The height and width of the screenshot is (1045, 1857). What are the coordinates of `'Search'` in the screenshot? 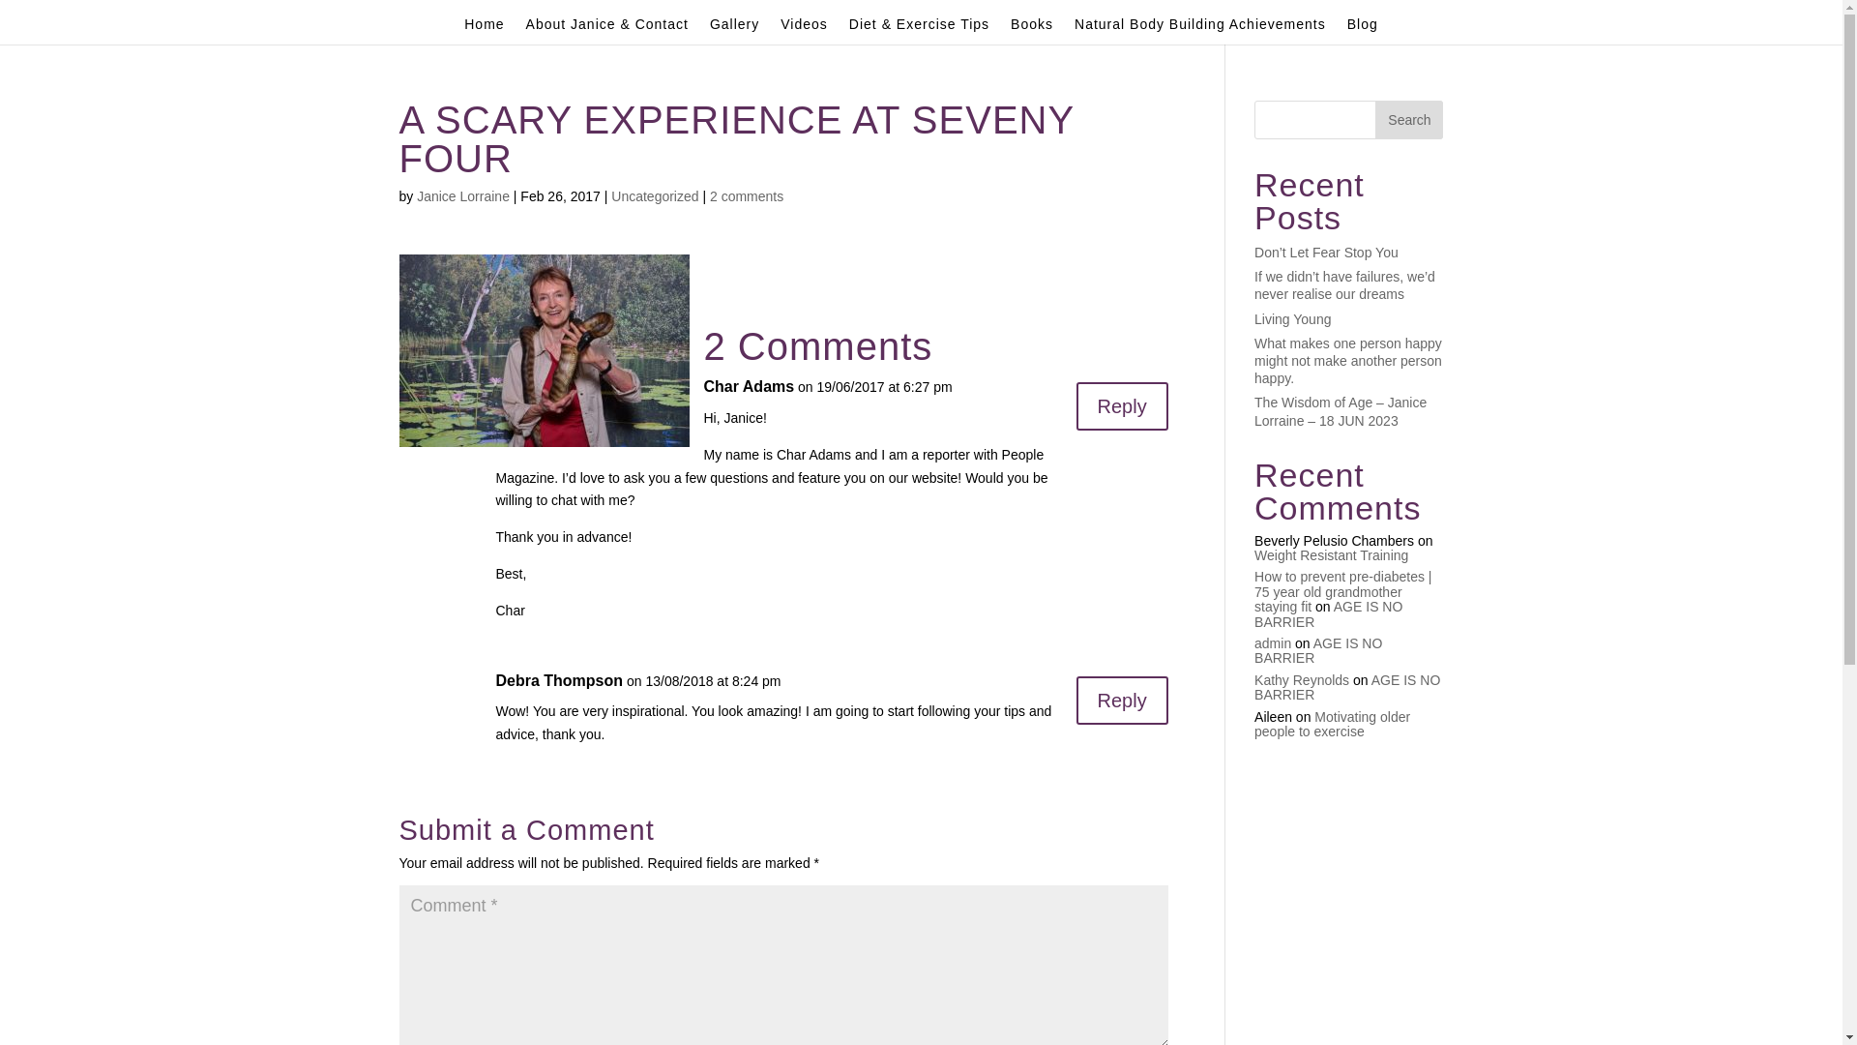 It's located at (1409, 119).